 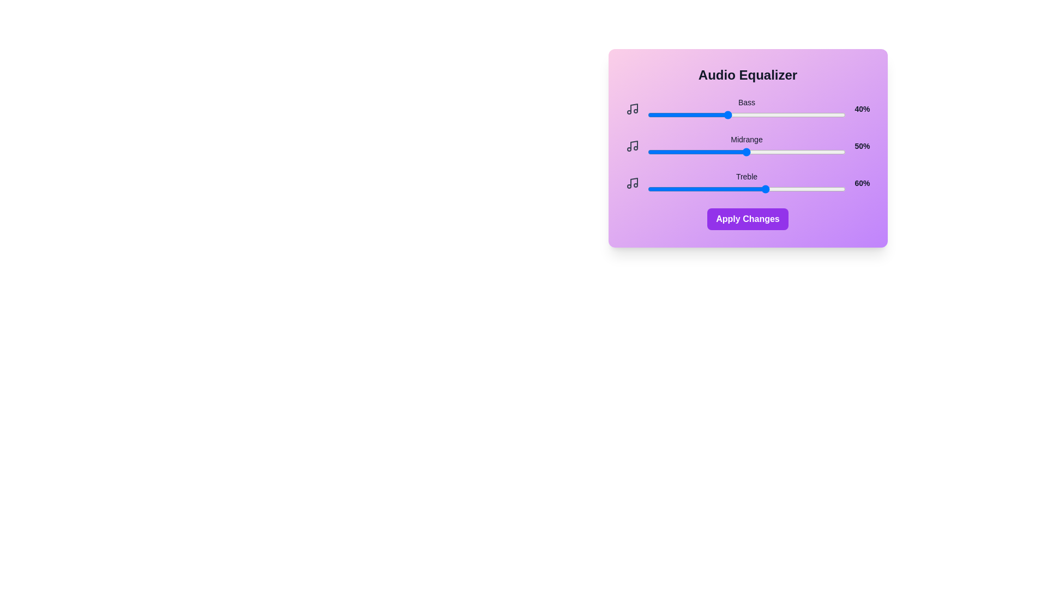 I want to click on the 'Apply Changes' button, so click(x=747, y=219).